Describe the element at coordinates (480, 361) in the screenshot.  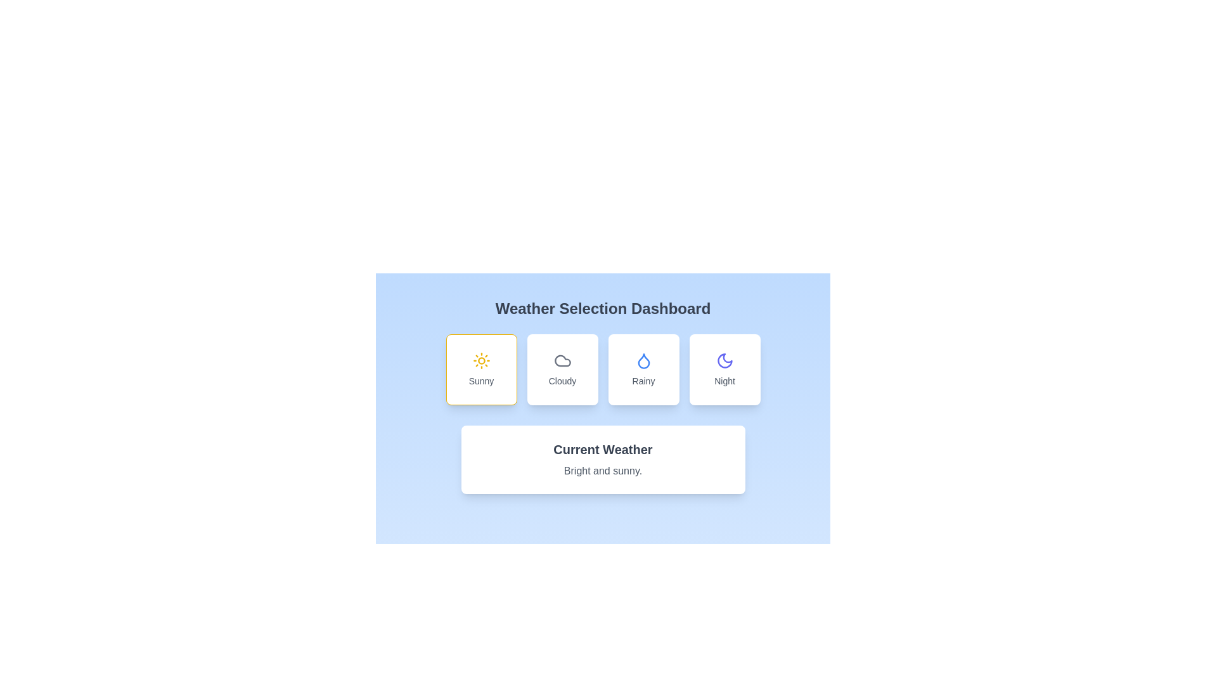
I see `styling or dimensions of the central circular part of the 'Sunny' option in the weather selection dashboard` at that location.